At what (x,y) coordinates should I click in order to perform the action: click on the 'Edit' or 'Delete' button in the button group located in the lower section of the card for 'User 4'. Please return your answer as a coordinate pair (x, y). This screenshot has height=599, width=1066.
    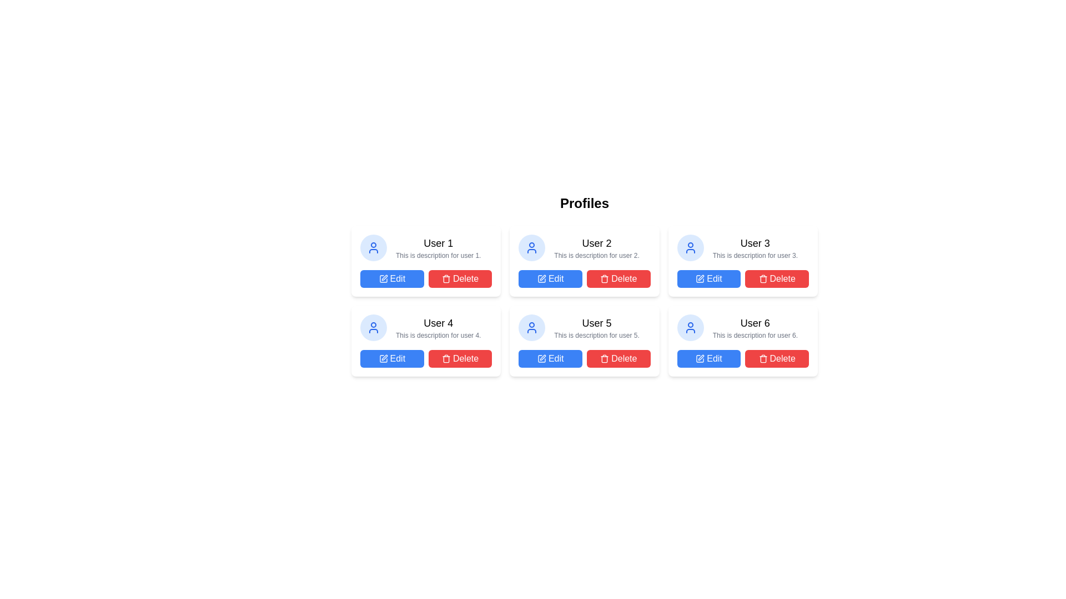
    Looking at the image, I should click on (425, 359).